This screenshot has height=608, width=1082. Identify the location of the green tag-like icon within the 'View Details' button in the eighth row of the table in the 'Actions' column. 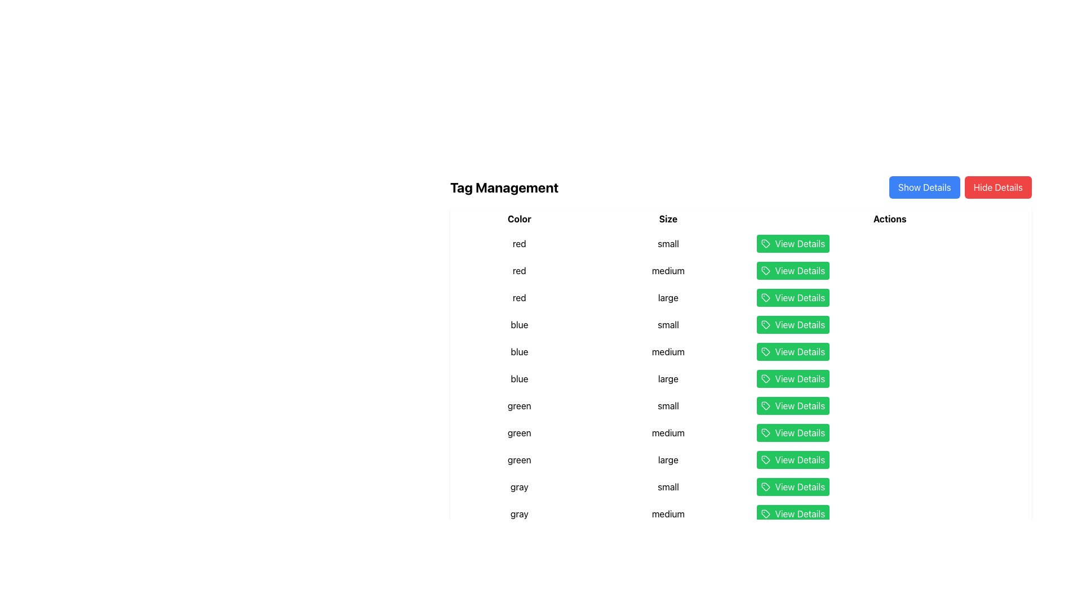
(765, 431).